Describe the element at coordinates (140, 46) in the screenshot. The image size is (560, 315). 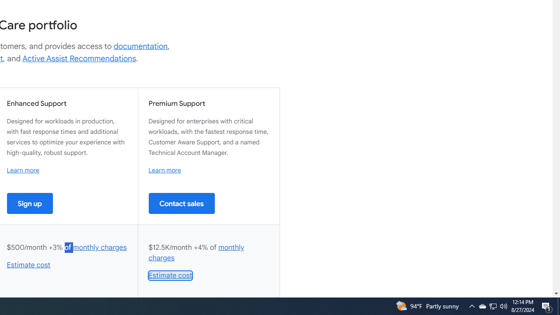
I see `'documentation'` at that location.